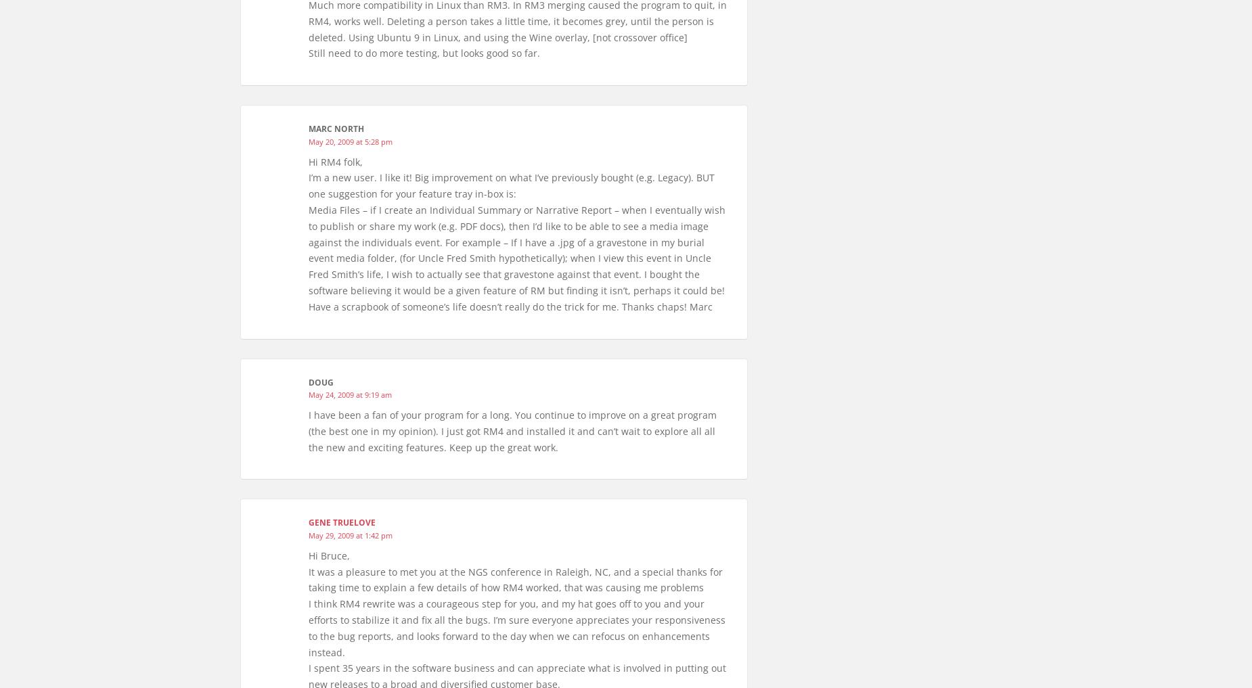 This screenshot has width=1252, height=688. Describe the element at coordinates (424, 53) in the screenshot. I see `'Still need to do more testing, but looks good so far.'` at that location.